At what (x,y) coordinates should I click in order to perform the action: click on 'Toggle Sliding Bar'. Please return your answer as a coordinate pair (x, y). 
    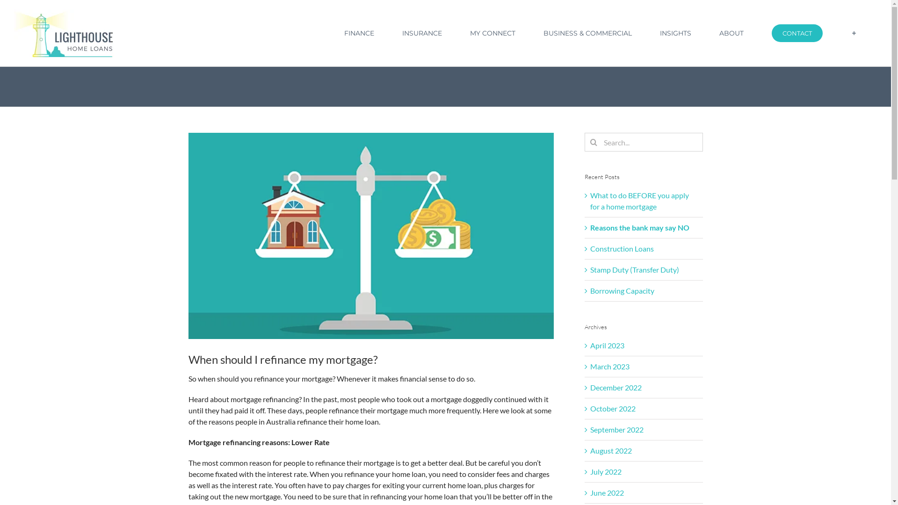
    Looking at the image, I should click on (854, 32).